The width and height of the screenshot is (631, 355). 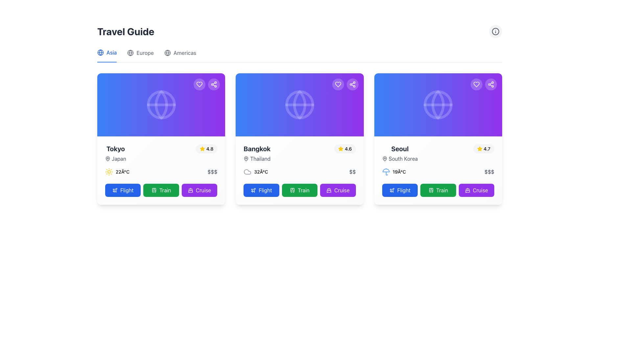 I want to click on the sun-shaped icon located in the weather information section of the Tokyo card, positioned to the left of the '22°C' text, so click(x=109, y=172).